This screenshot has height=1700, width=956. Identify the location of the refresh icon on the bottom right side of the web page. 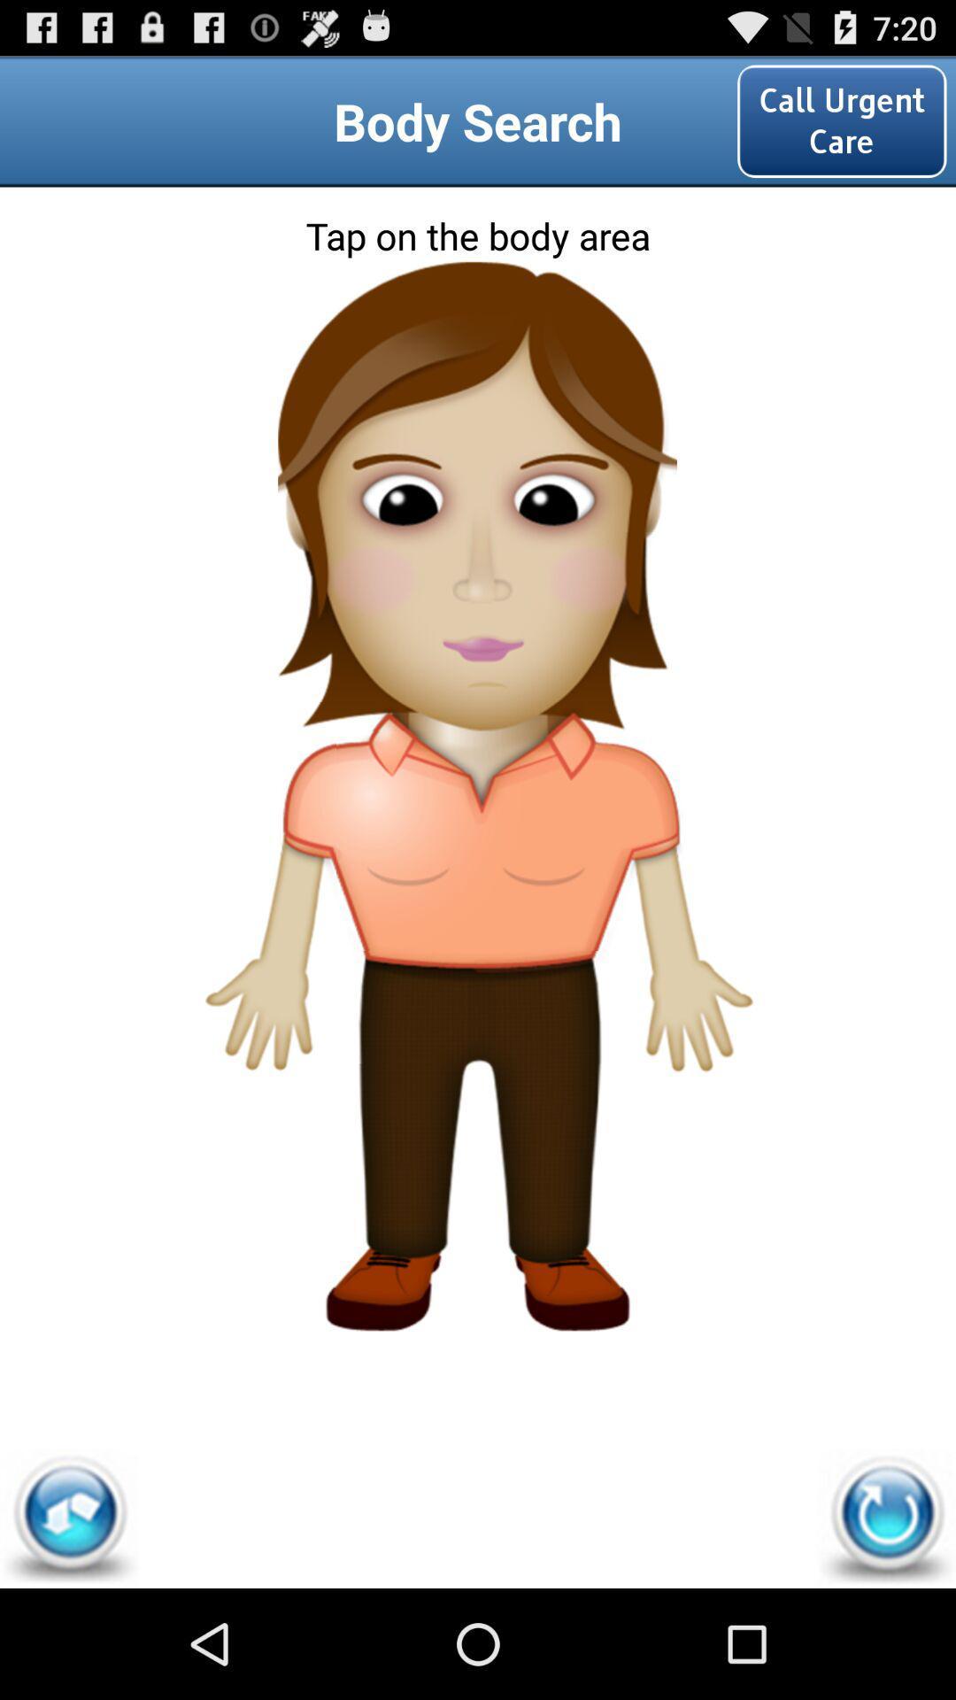
(886, 1518).